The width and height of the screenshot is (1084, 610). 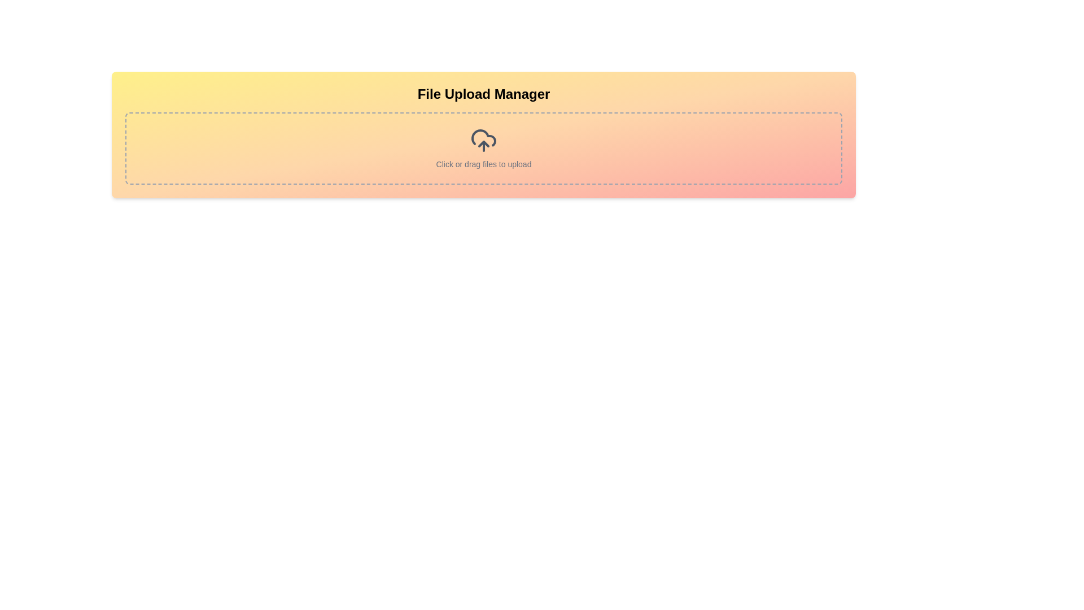 What do you see at coordinates (484, 140) in the screenshot?
I see `the cloud upload icon with an upward arrow, which is located above the 'Click or drag files to upload' text and beneath the 'File Upload Manager' heading` at bounding box center [484, 140].